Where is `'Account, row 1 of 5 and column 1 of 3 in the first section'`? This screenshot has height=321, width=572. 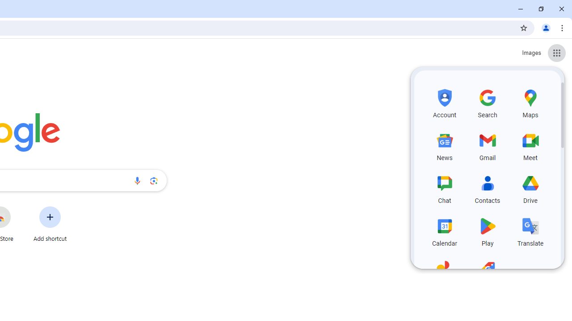
'Account, row 1 of 5 and column 1 of 3 in the first section' is located at coordinates (445, 102).